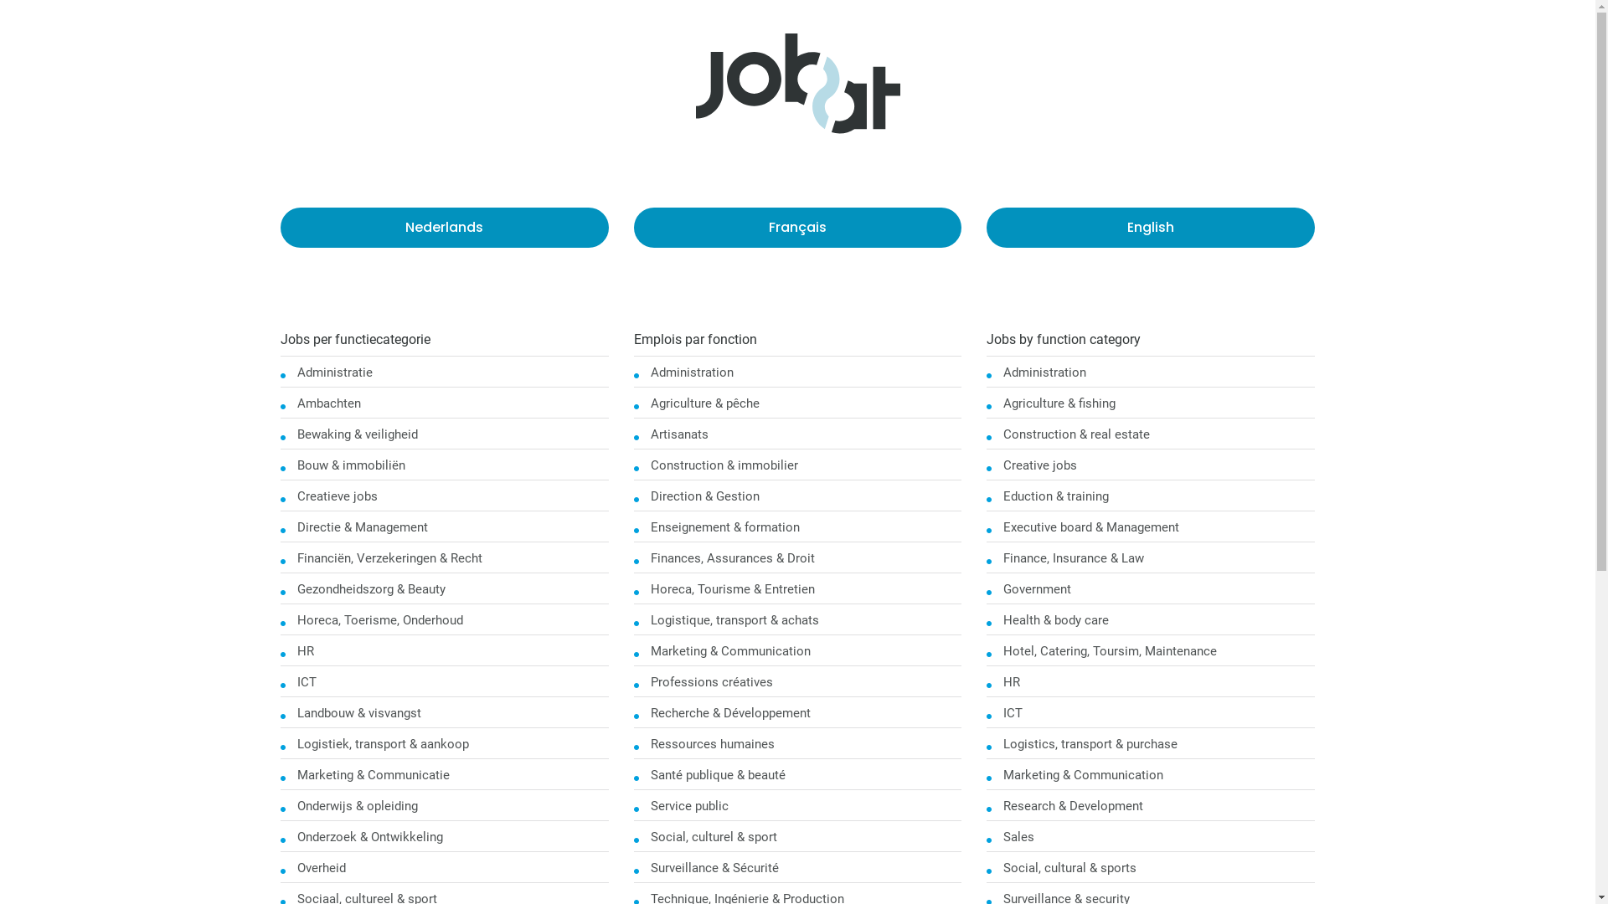 Image resolution: width=1608 pixels, height=904 pixels. Describe the element at coordinates (704, 496) in the screenshot. I see `'Direction & Gestion'` at that location.